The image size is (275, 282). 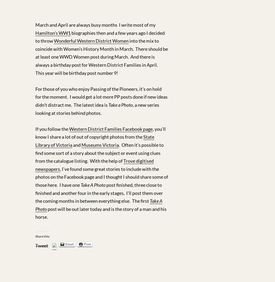 I want to click on 'Print', so click(x=87, y=244).